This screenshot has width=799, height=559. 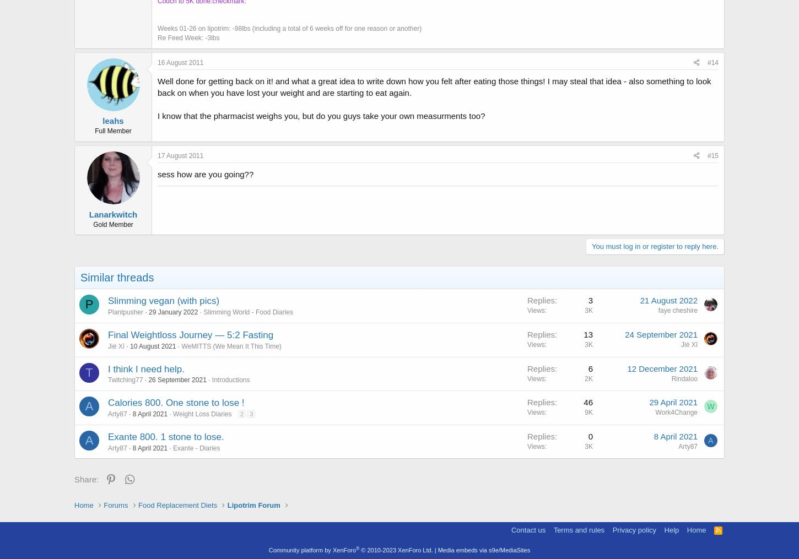 What do you see at coordinates (88, 372) in the screenshot?
I see `'T'` at bounding box center [88, 372].